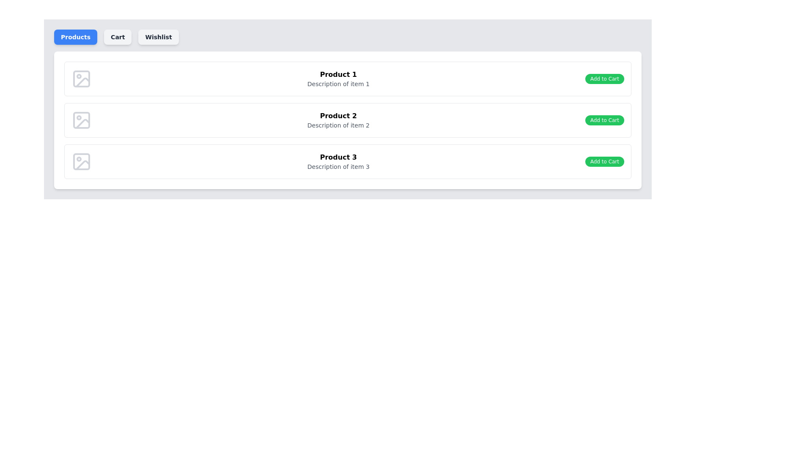 This screenshot has height=456, width=812. Describe the element at coordinates (604, 161) in the screenshot. I see `the third button in a group of similar buttons, positioned to the right of its corresponding product description` at that location.